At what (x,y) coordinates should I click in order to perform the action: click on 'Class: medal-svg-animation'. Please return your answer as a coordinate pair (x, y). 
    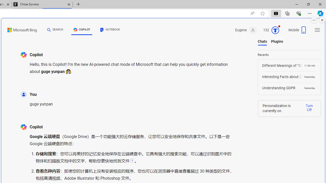
    Looking at the image, I should click on (275, 30).